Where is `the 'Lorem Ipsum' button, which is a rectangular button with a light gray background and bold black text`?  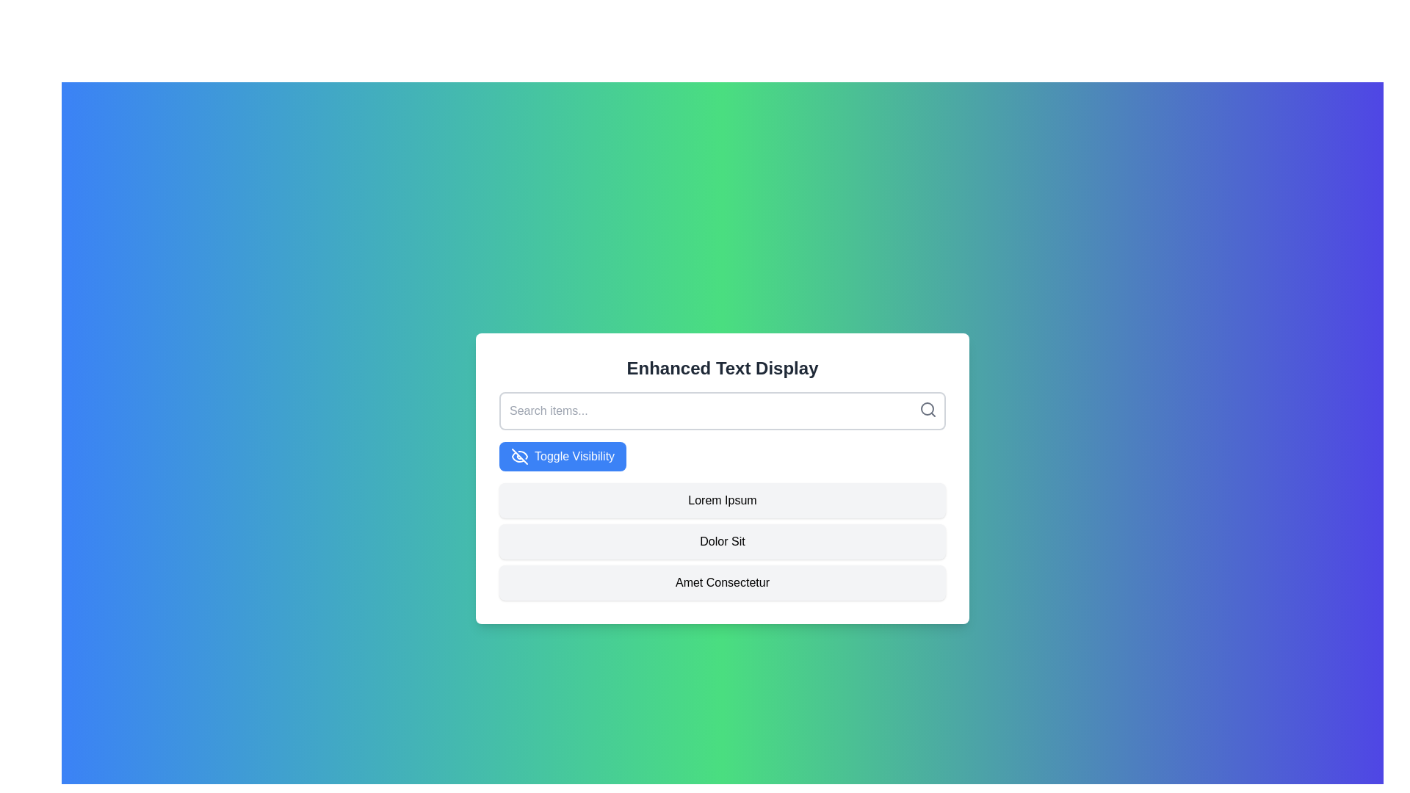
the 'Lorem Ipsum' button, which is a rectangular button with a light gray background and bold black text is located at coordinates (722, 500).